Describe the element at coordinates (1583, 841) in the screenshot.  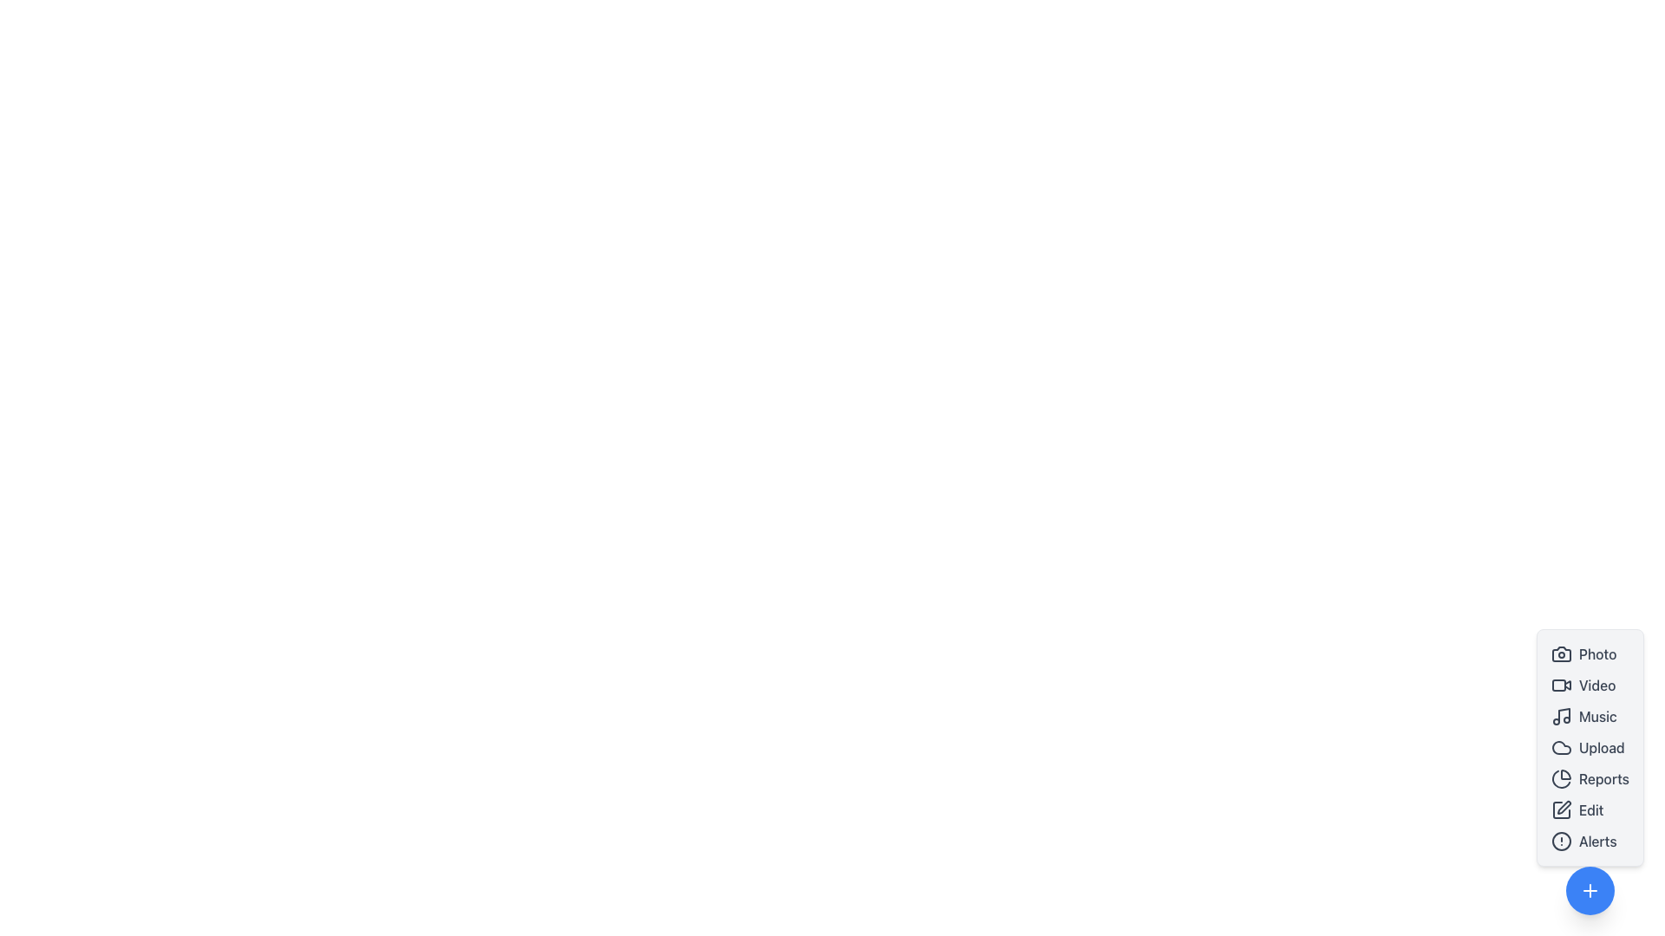
I see `the composite button element that features an alert icon and the text 'Alerts'` at that location.